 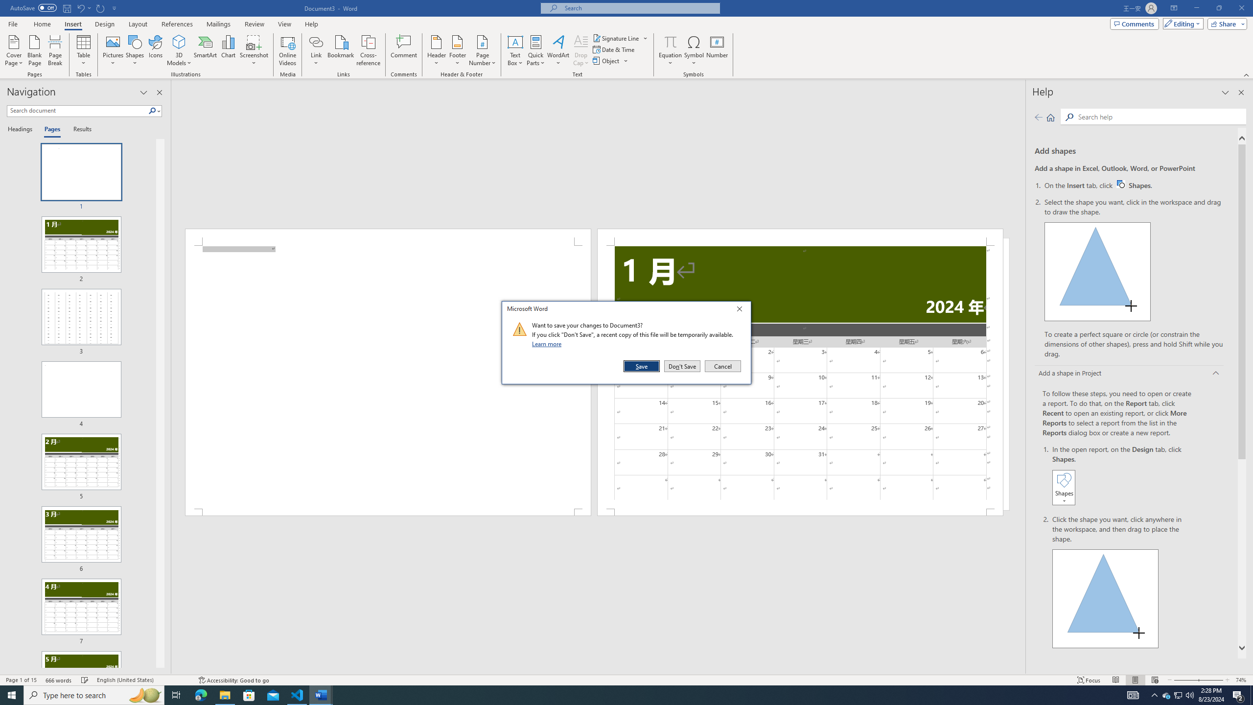 What do you see at coordinates (233, 680) in the screenshot?
I see `'Accessibility Checker Accessibility: Good to go'` at bounding box center [233, 680].